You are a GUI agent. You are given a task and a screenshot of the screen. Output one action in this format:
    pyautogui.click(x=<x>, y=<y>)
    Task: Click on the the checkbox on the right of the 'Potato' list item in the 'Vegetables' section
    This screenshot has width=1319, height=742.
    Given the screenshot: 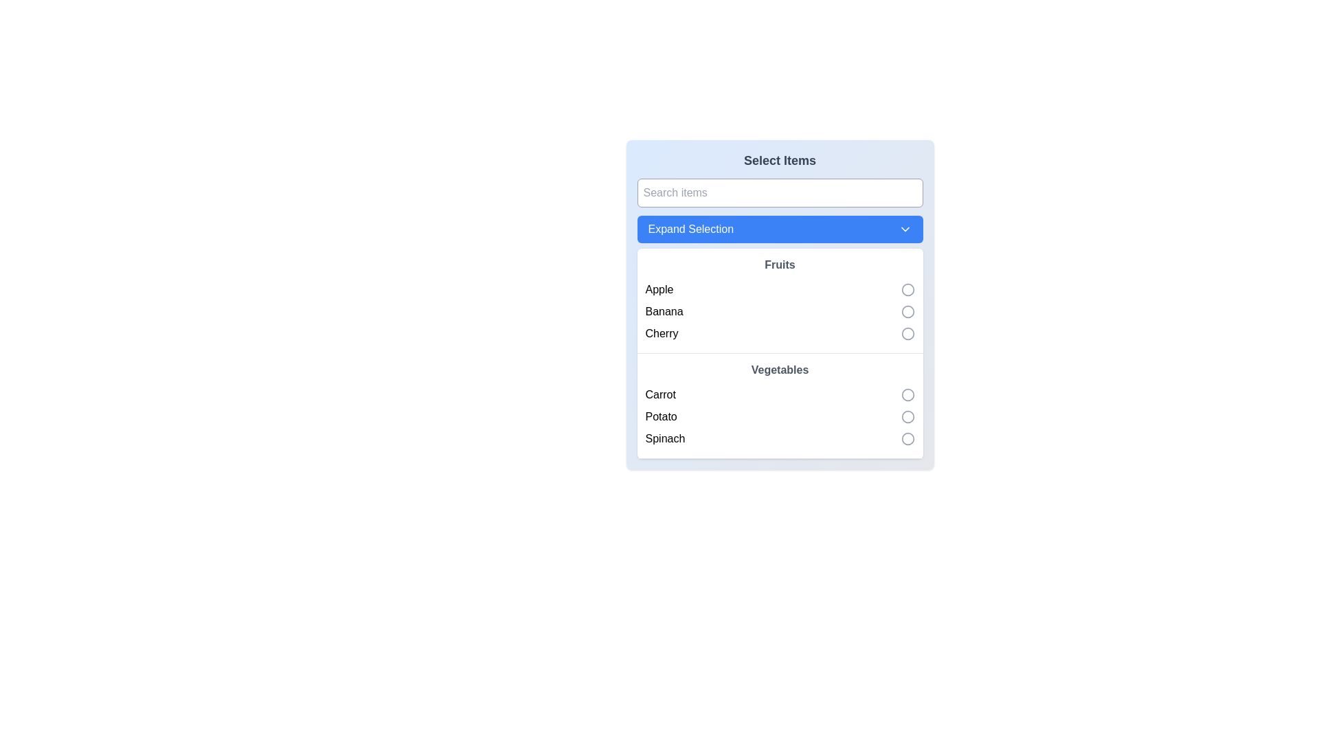 What is the action you would take?
    pyautogui.click(x=780, y=416)
    